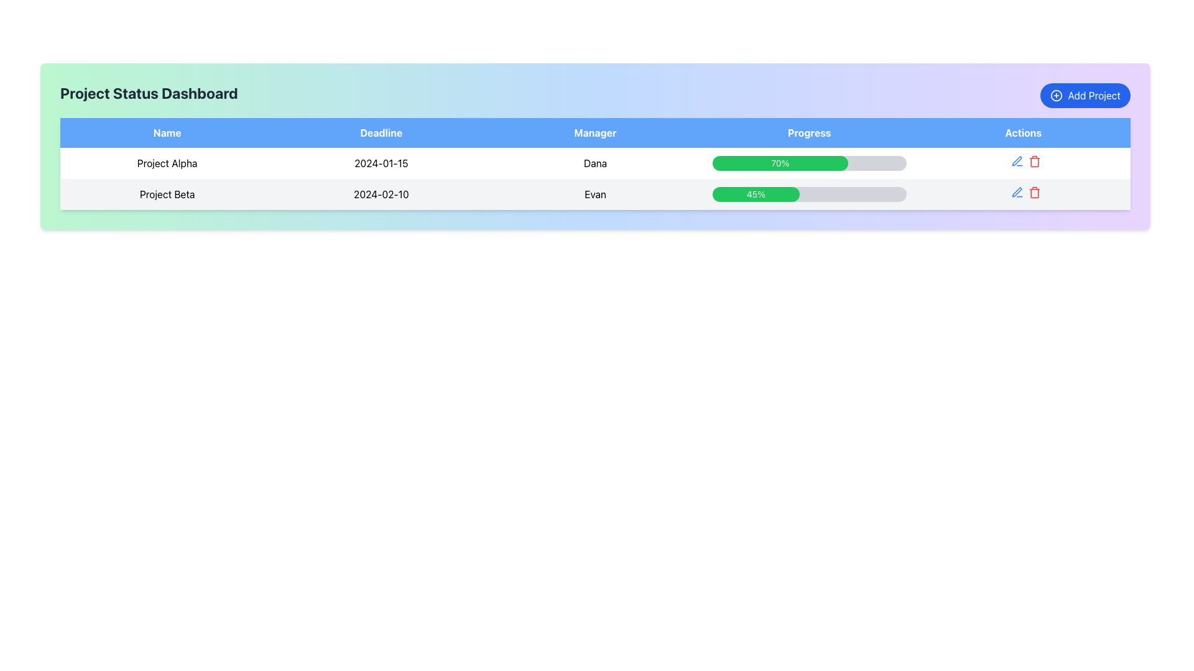 Image resolution: width=1194 pixels, height=671 pixels. Describe the element at coordinates (167, 194) in the screenshot. I see `the text label representing the name of the project in the second row of the table under the 'Name' column` at that location.